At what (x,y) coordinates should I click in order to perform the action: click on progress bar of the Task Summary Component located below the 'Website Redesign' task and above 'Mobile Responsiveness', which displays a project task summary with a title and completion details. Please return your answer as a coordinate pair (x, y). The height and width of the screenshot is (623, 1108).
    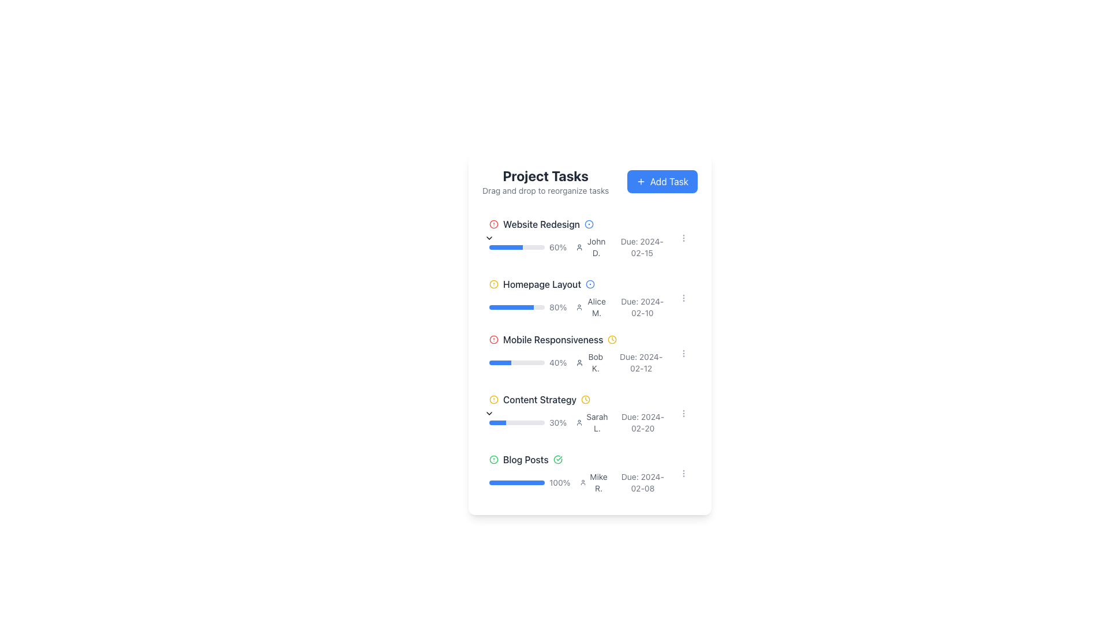
    Looking at the image, I should click on (590, 325).